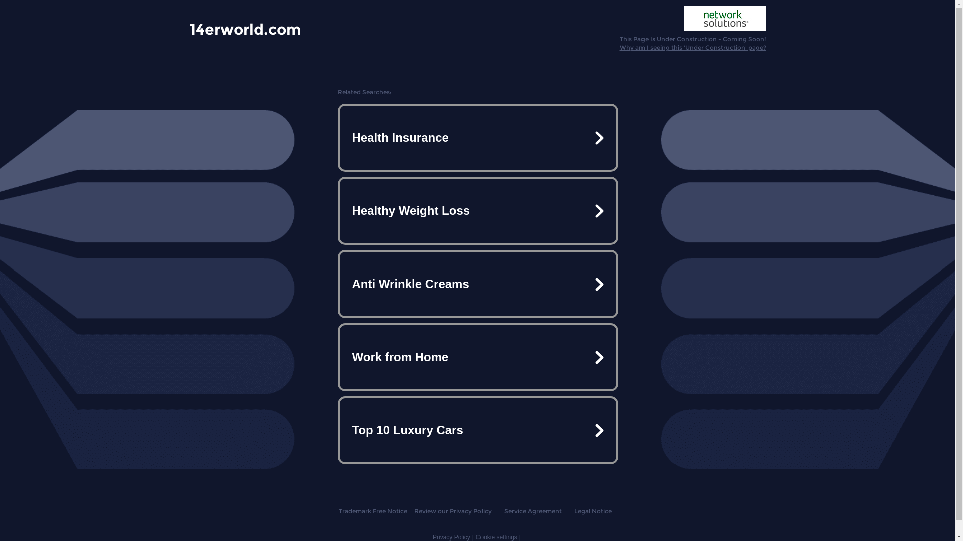  Describe the element at coordinates (593, 511) in the screenshot. I see `'Legal Notice'` at that location.